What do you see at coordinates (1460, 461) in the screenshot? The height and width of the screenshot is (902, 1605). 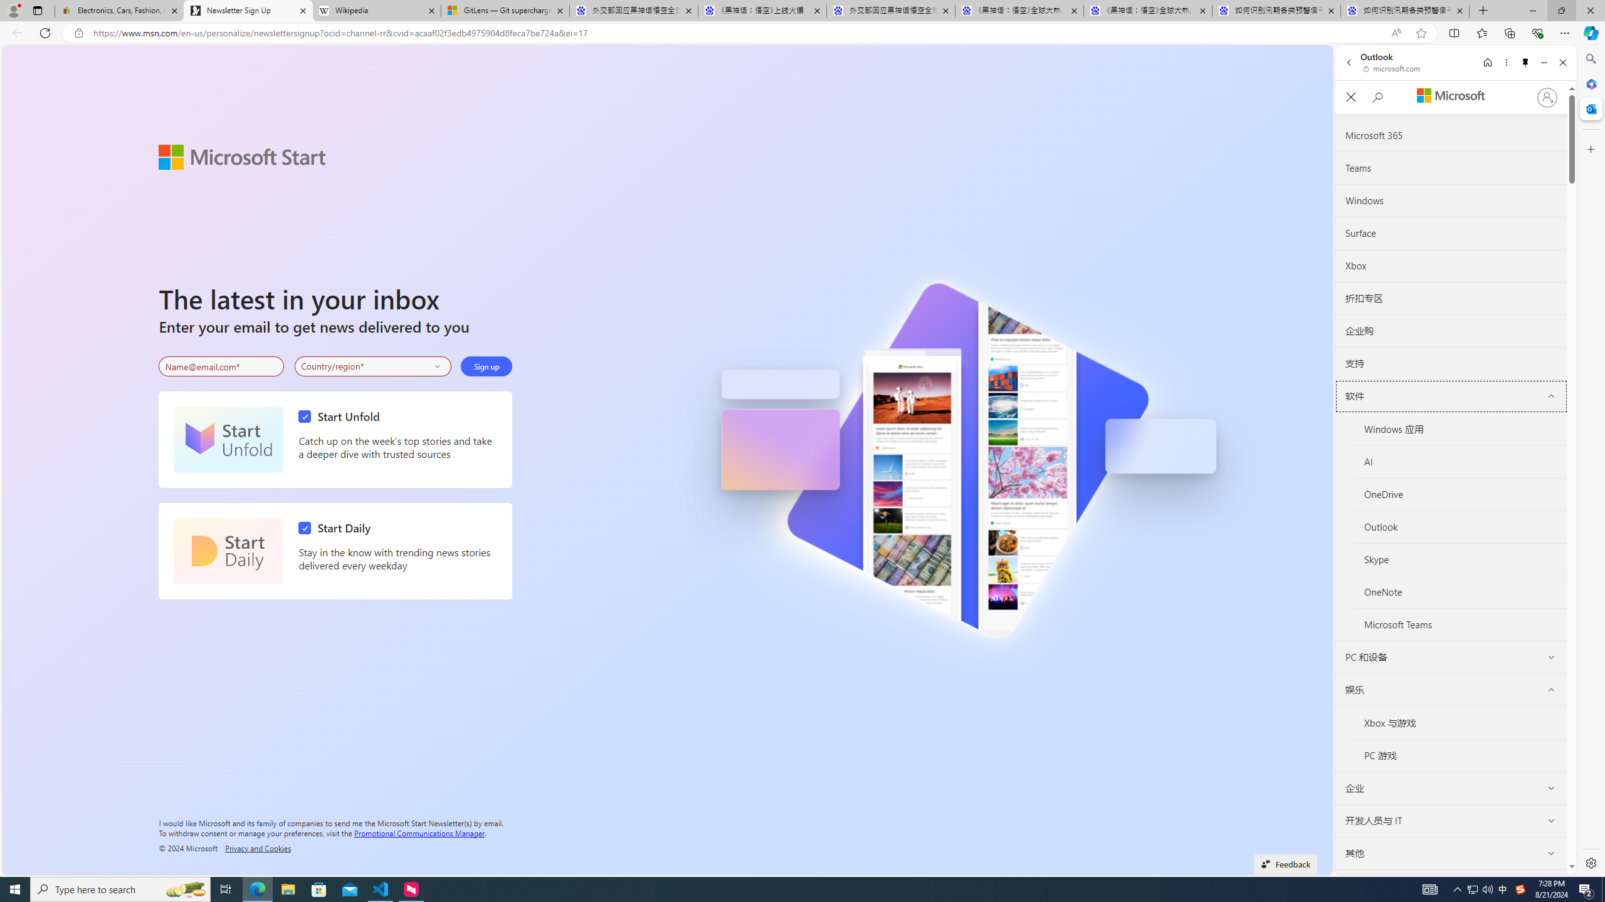 I see `'AI'` at bounding box center [1460, 461].